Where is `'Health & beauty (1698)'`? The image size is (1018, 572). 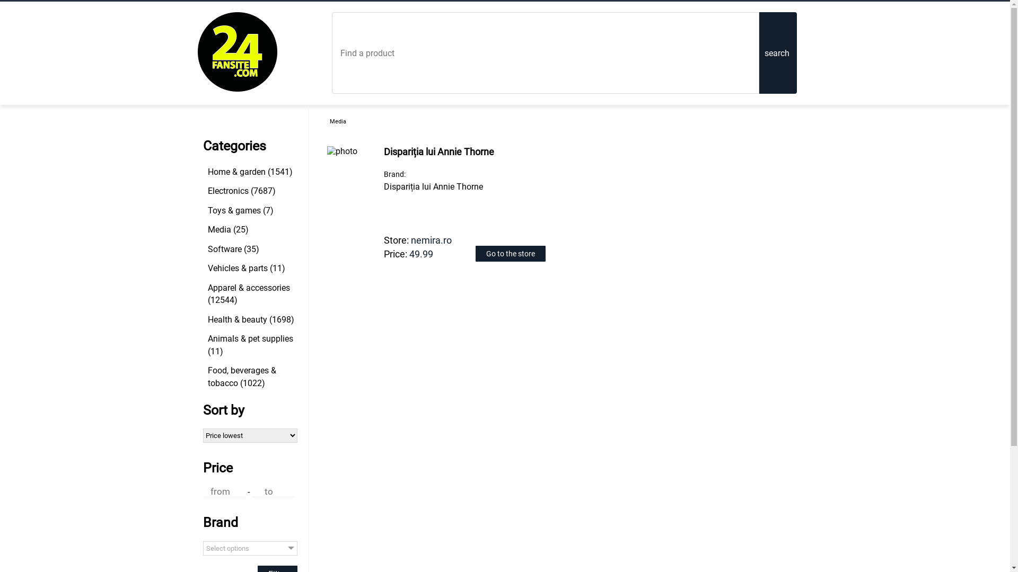
'Health & beauty (1698)' is located at coordinates (251, 319).